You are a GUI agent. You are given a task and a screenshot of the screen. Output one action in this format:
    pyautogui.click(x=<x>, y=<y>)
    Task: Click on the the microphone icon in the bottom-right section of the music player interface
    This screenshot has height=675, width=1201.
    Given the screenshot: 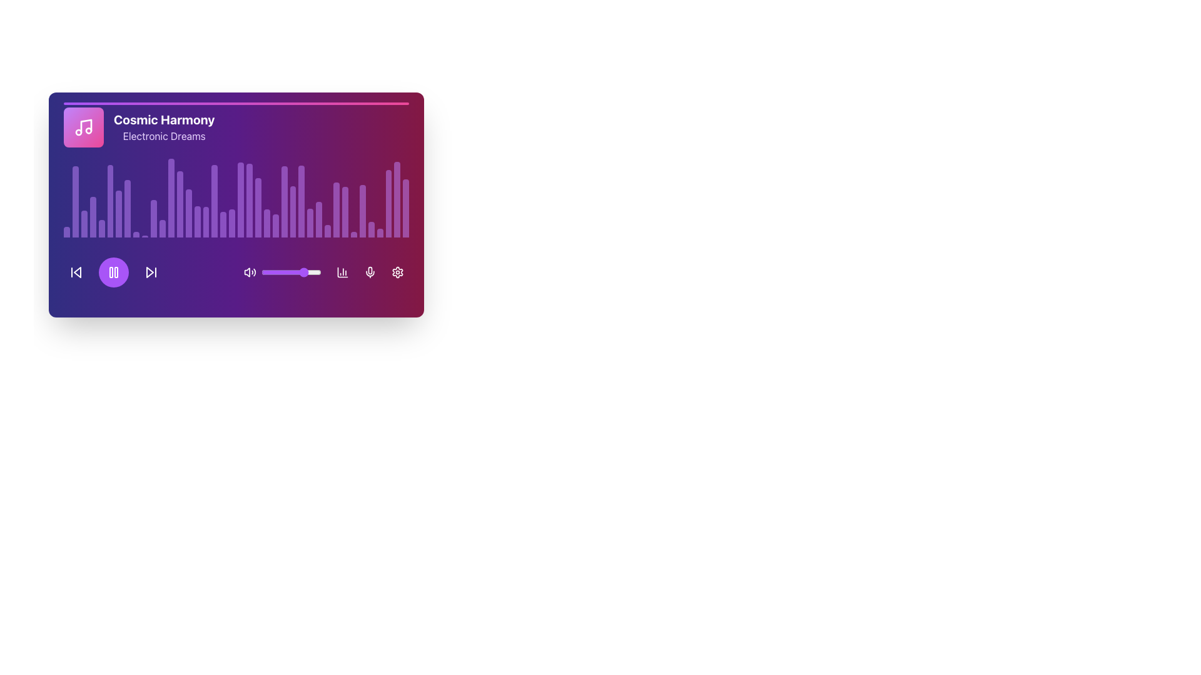 What is the action you would take?
    pyautogui.click(x=369, y=271)
    